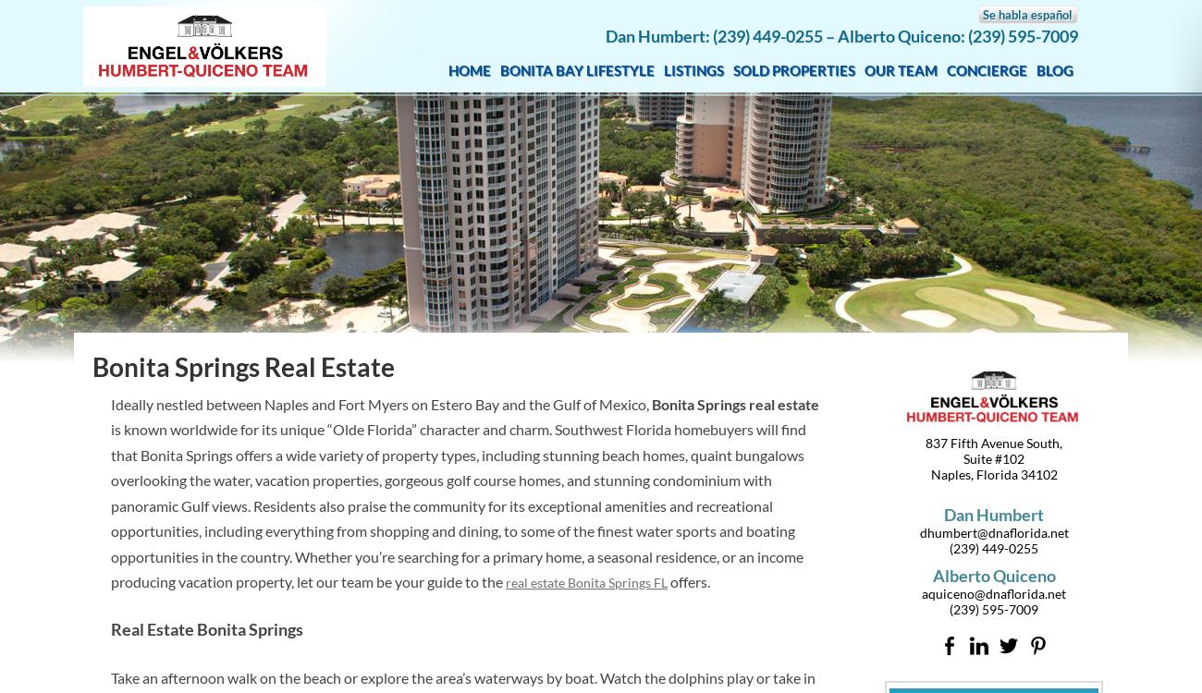 This screenshot has width=1202, height=693. Describe the element at coordinates (381, 404) in the screenshot. I see `'Ideally nestled between Naples and Fort Myers on Estero Bay and the Gulf of Mexico,'` at that location.